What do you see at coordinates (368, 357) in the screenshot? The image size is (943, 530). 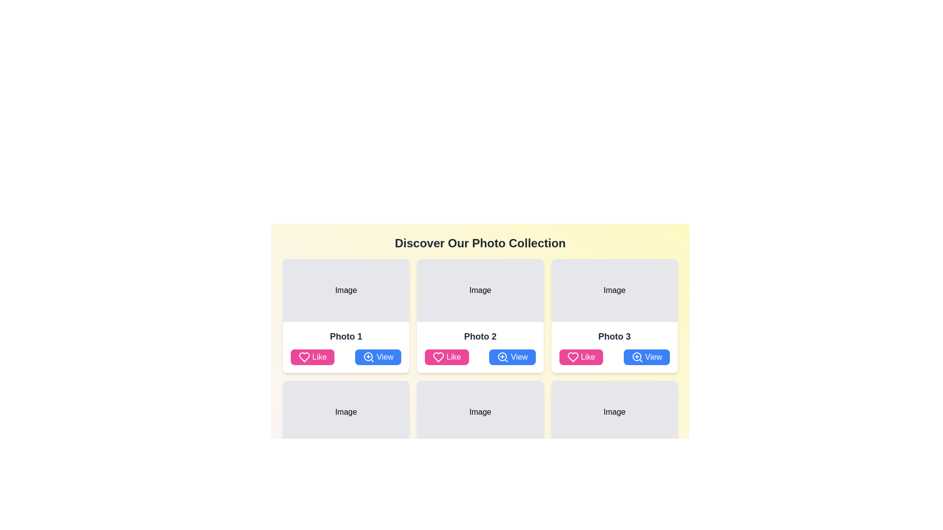 I see `the magnifying glass icon with a plus symbol inside the blue 'View' button, which is located in the second photo card of the grid layout, to activate hover effects` at bounding box center [368, 357].